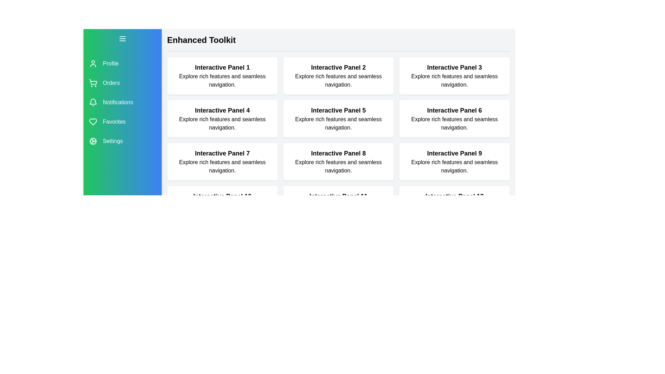 The width and height of the screenshot is (665, 374). I want to click on the menu toggle button to toggle its visibility, so click(122, 38).